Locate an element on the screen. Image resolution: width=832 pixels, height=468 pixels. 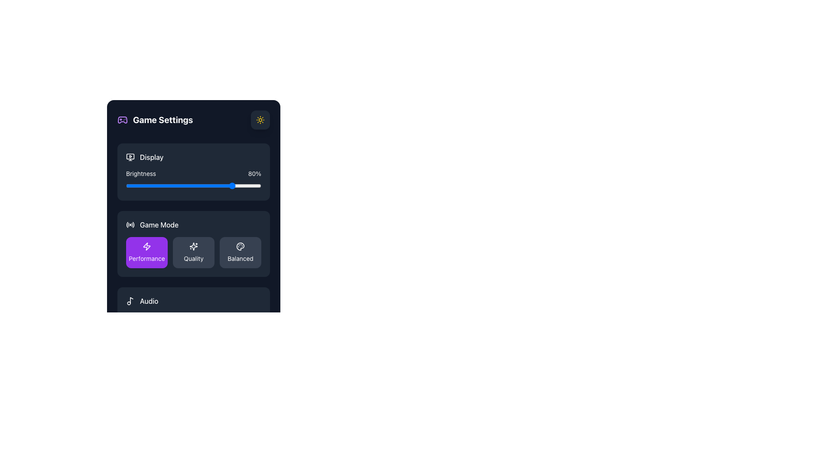
brightness is located at coordinates (128, 185).